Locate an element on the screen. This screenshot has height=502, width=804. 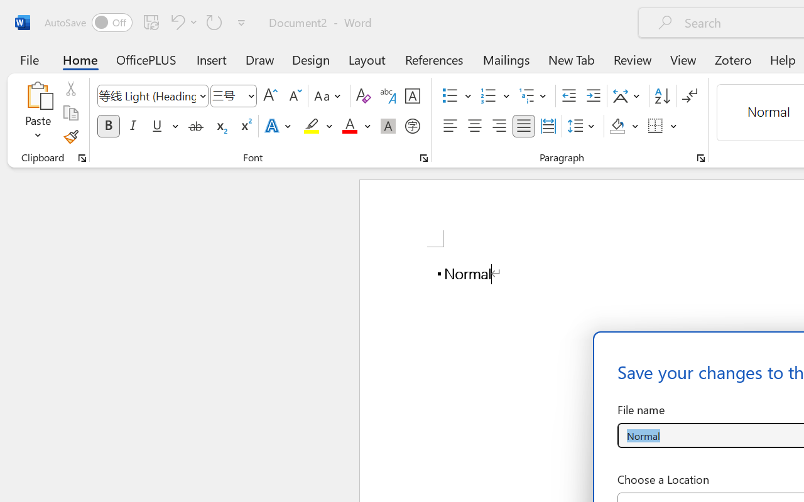
'Format Painter' is located at coordinates (70, 137).